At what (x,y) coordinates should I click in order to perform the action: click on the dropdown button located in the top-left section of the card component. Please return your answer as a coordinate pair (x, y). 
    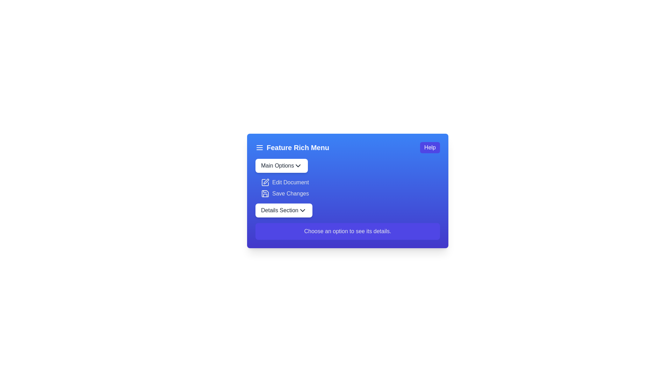
    Looking at the image, I should click on (282, 165).